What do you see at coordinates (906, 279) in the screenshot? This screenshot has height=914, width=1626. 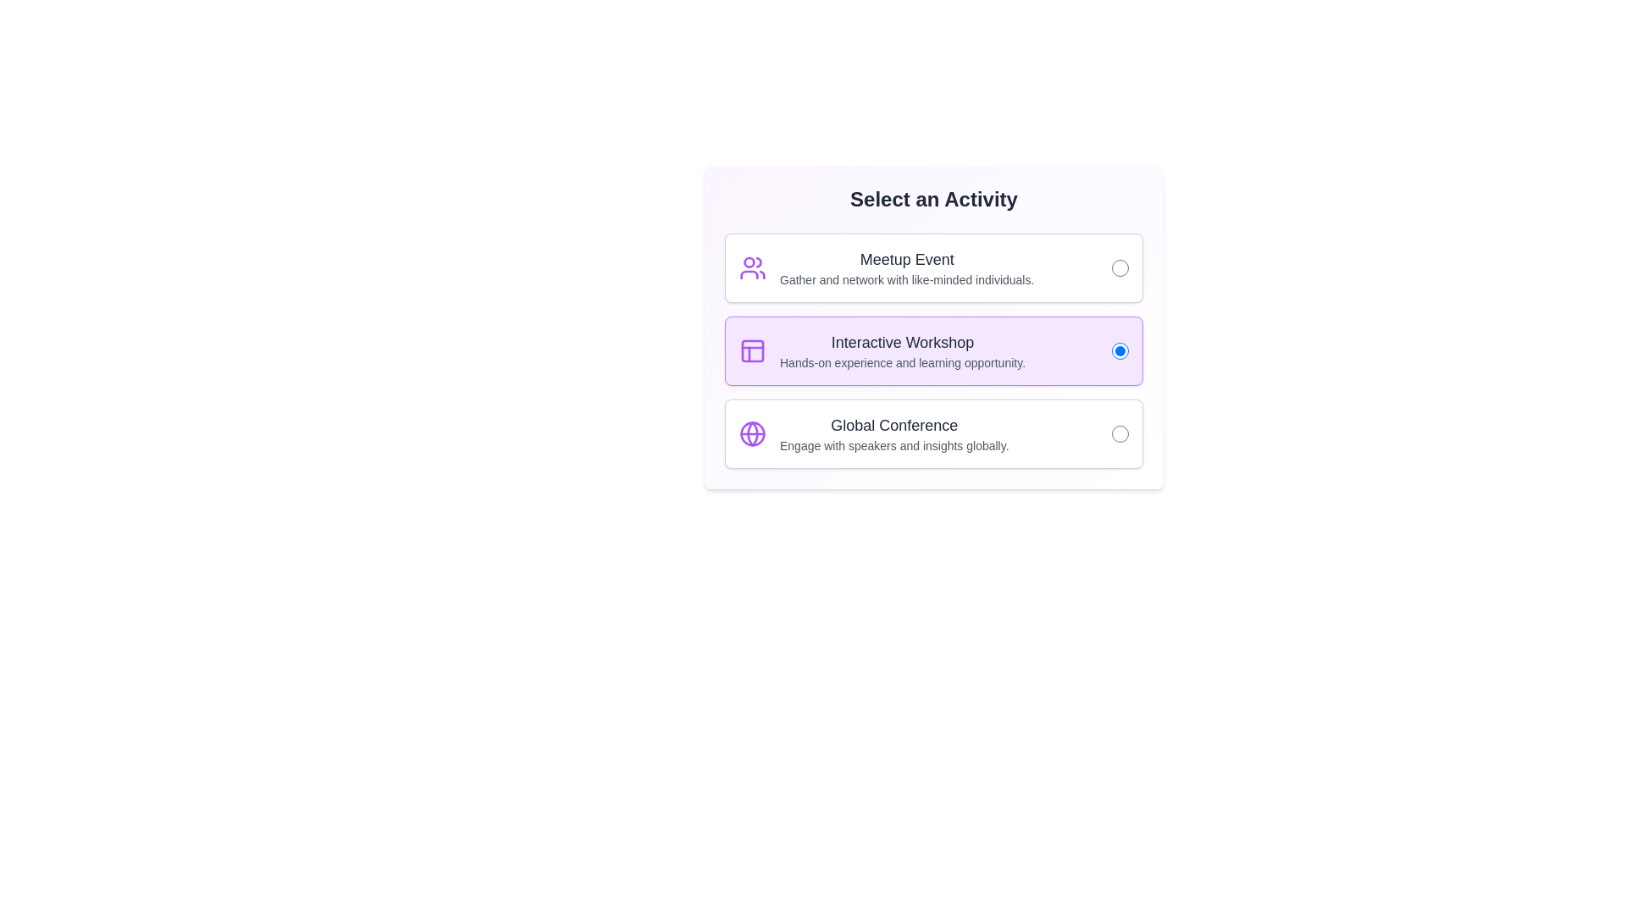 I see `the Text label providing descriptive information about the 'Meetup Event' activity, which is located directly below the 'Meetup Event' title in the first card of the activities section` at bounding box center [906, 279].